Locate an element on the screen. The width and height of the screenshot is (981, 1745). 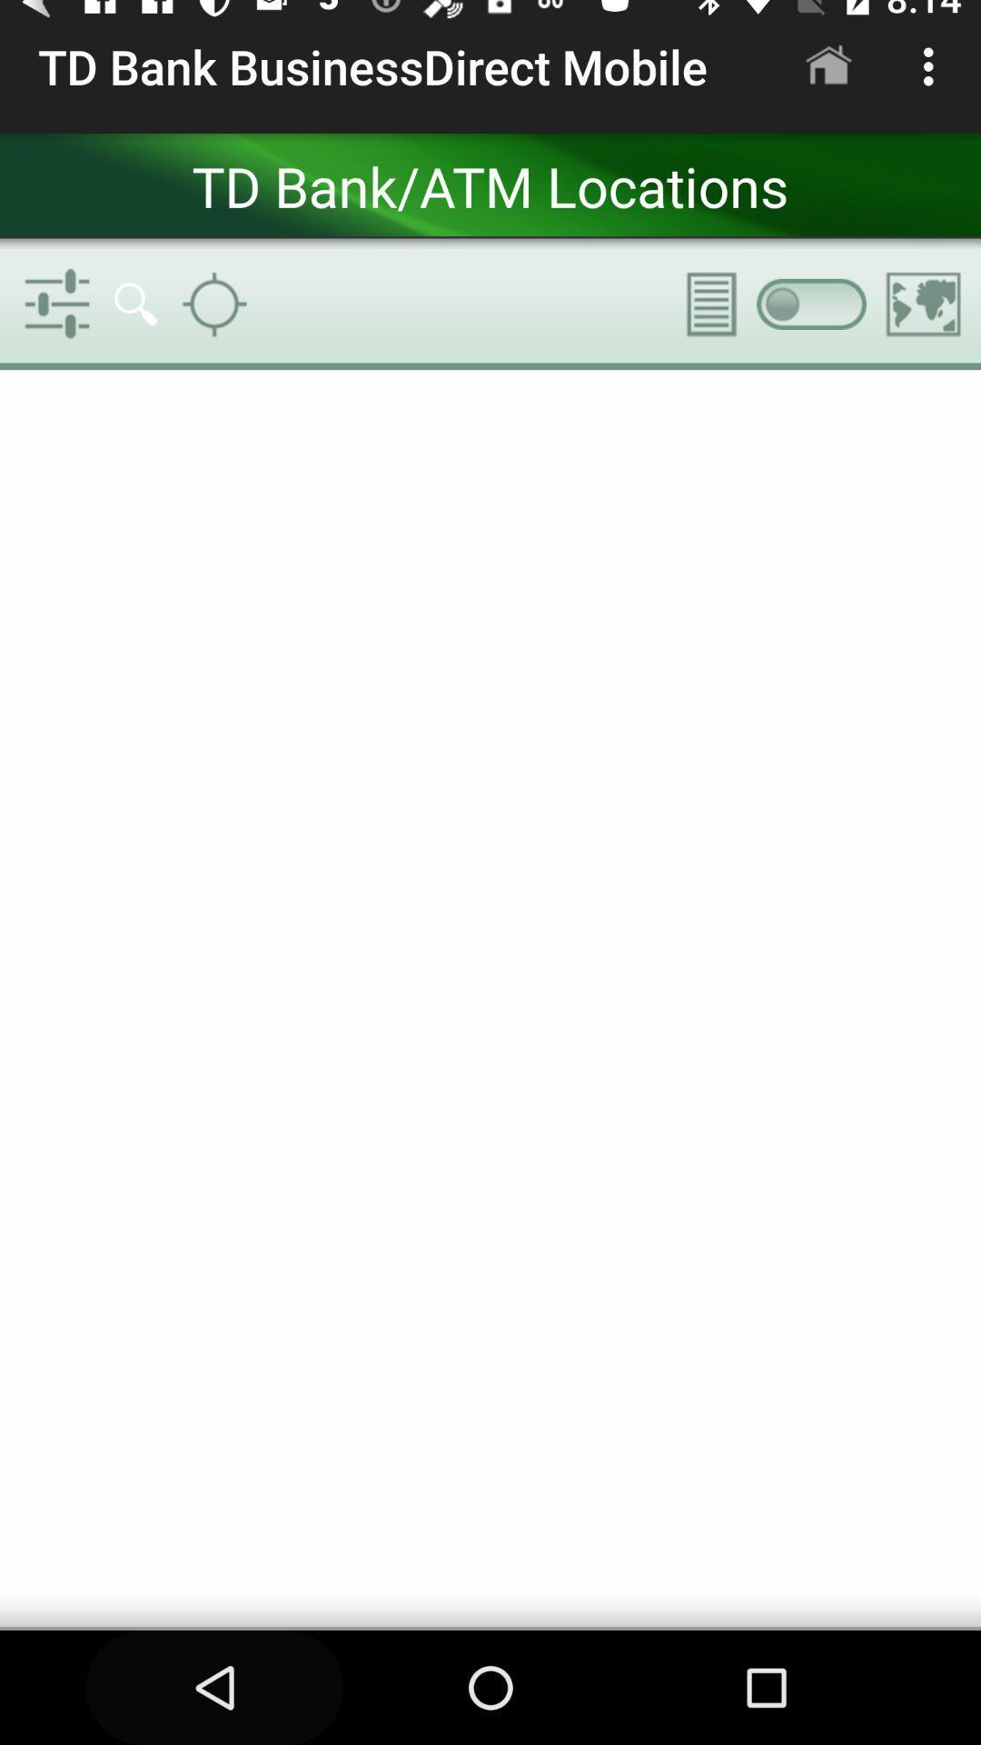
the sliders icon is located at coordinates (55, 304).